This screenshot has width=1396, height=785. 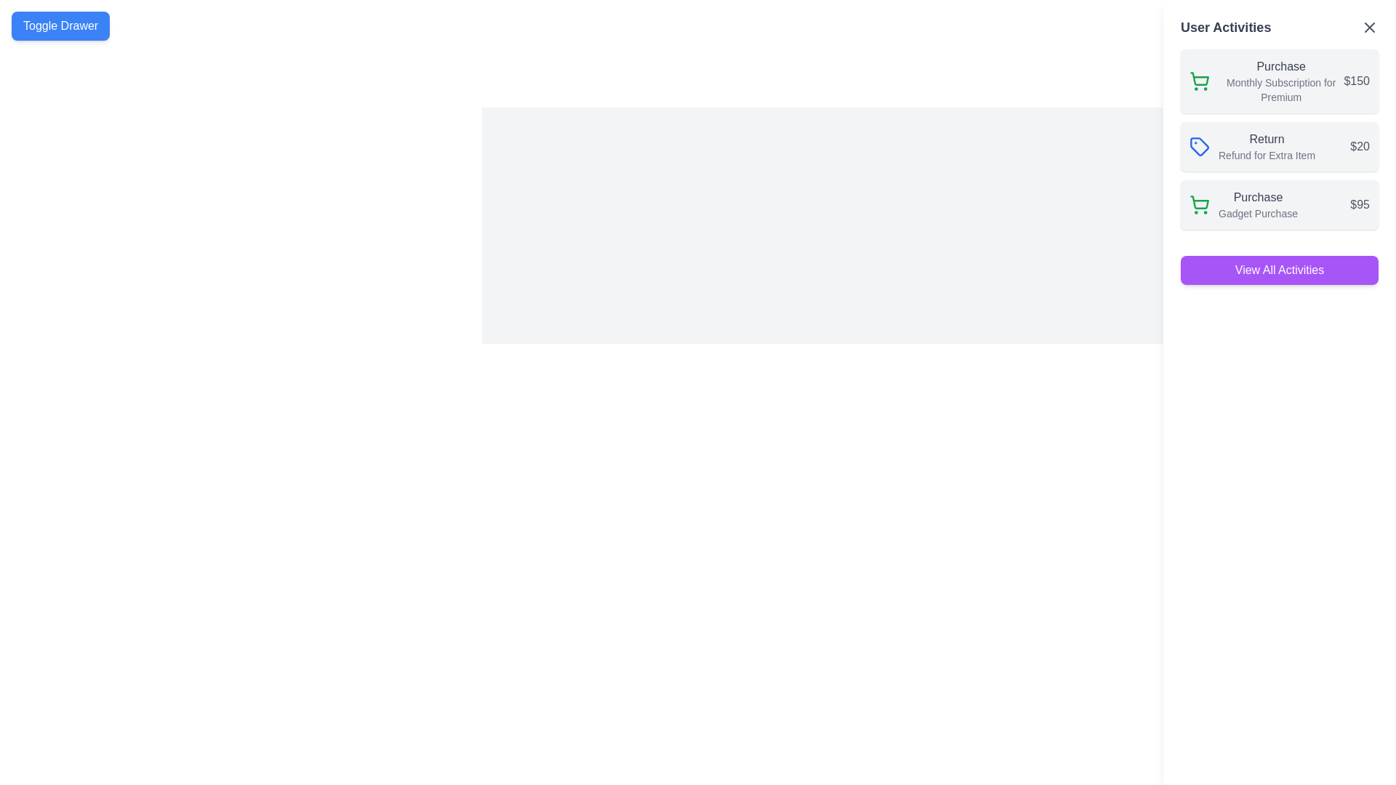 I want to click on the second informational text label under the 'Return' title in the 'User Activities' panel, so click(x=1266, y=155).